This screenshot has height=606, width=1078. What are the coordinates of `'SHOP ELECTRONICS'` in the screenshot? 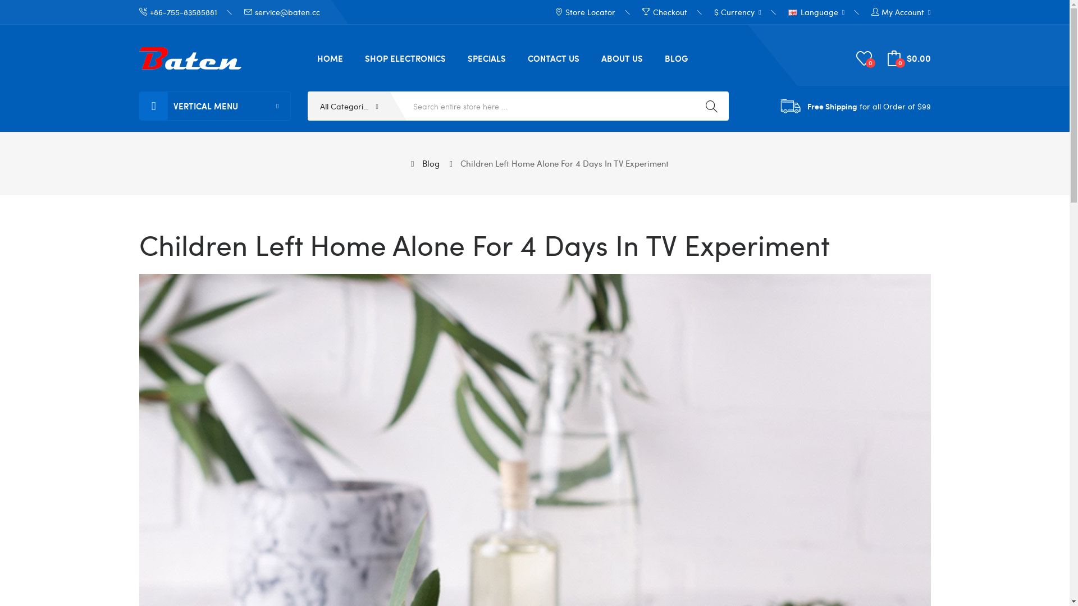 It's located at (404, 58).